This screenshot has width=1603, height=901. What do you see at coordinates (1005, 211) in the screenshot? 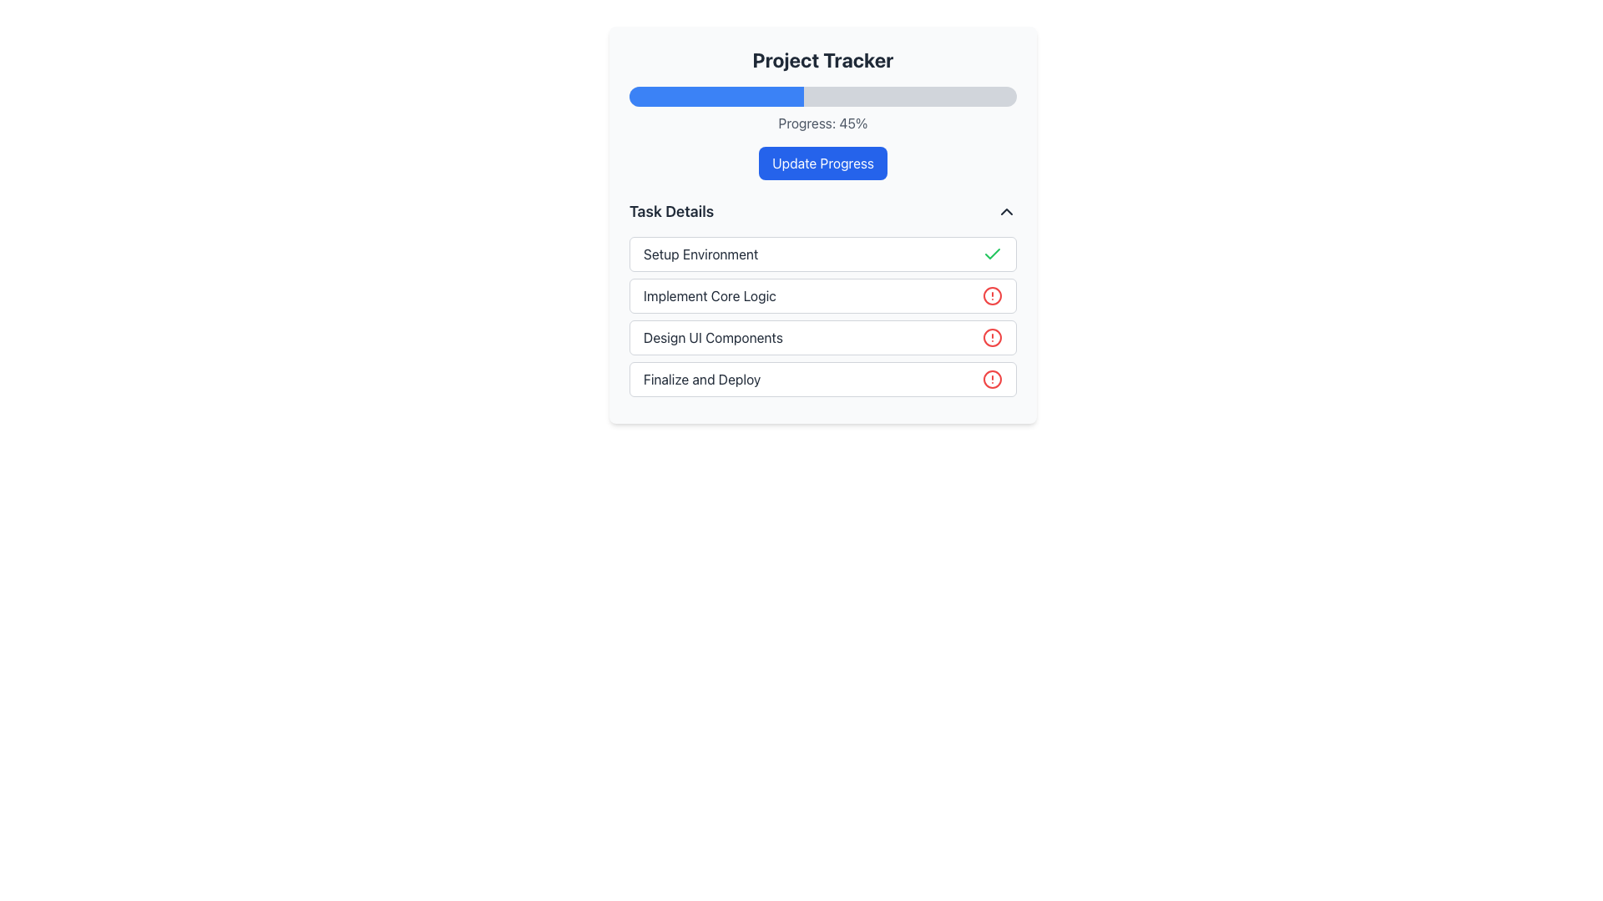
I see `the Chevron or Arrow Up icon located to the right of the 'Task Details' text` at bounding box center [1005, 211].